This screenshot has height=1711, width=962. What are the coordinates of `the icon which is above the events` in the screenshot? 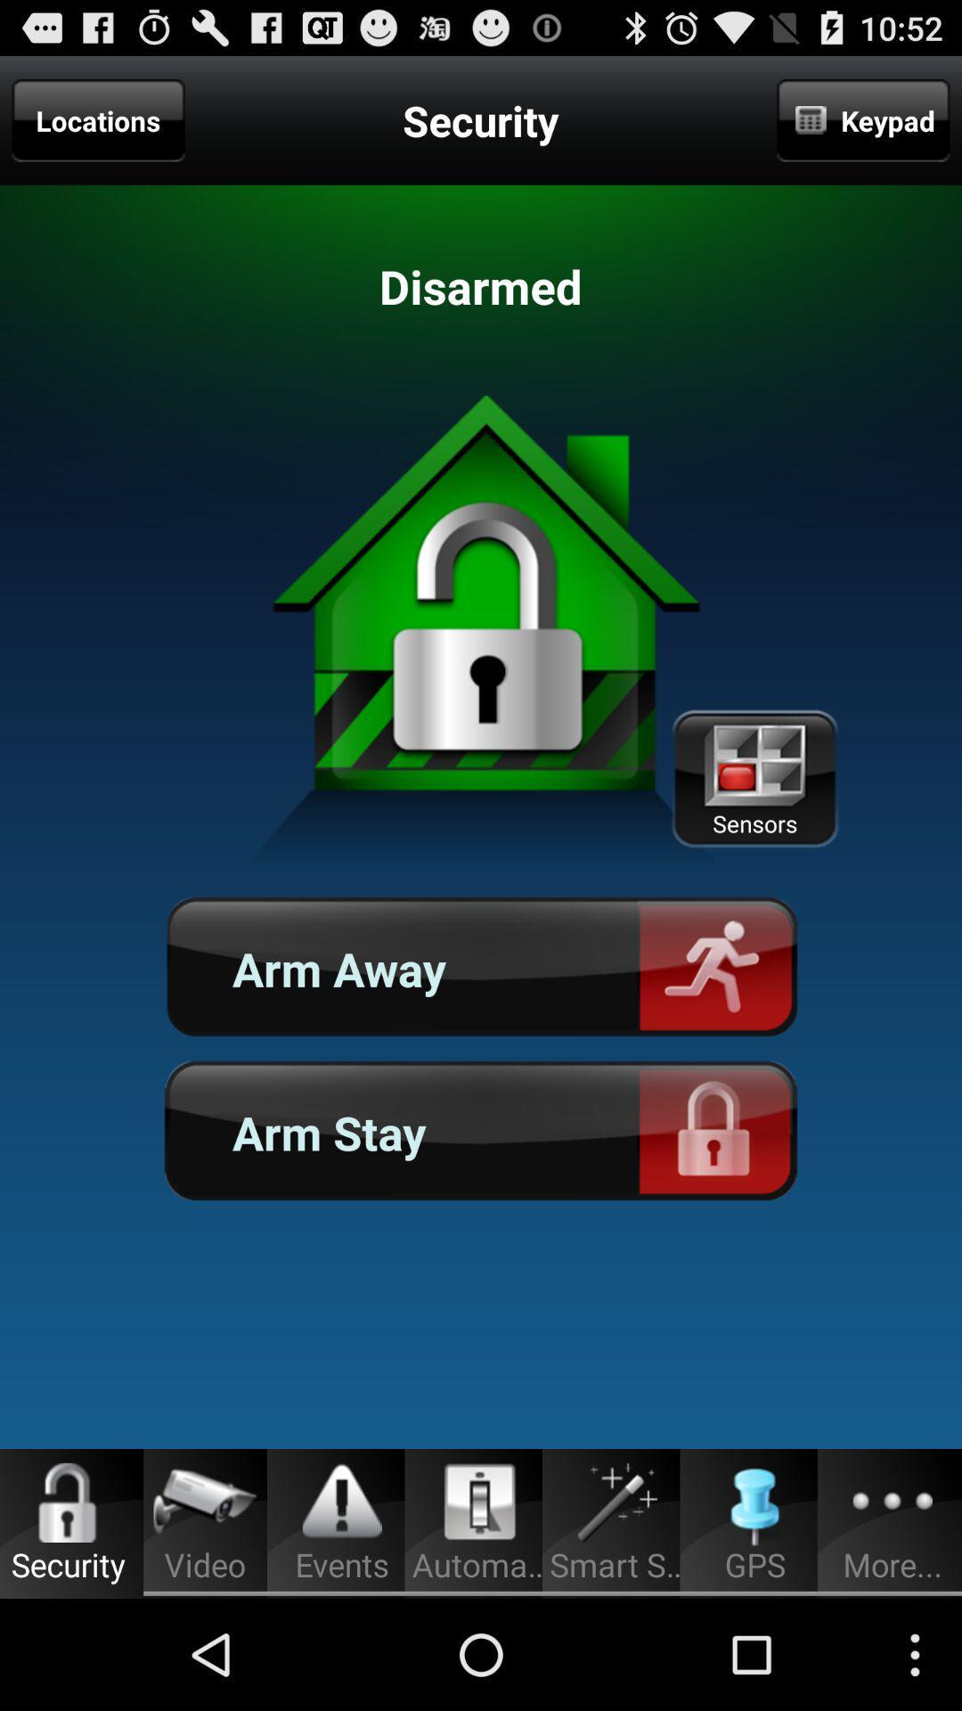 It's located at (342, 1502).